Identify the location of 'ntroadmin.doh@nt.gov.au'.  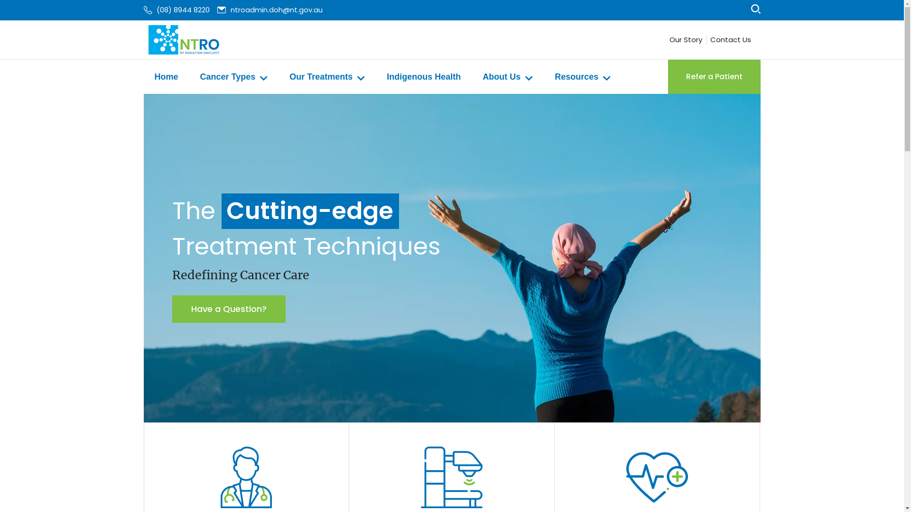
(270, 10).